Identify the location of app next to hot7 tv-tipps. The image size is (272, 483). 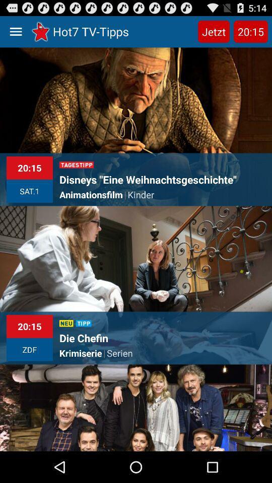
(213, 31).